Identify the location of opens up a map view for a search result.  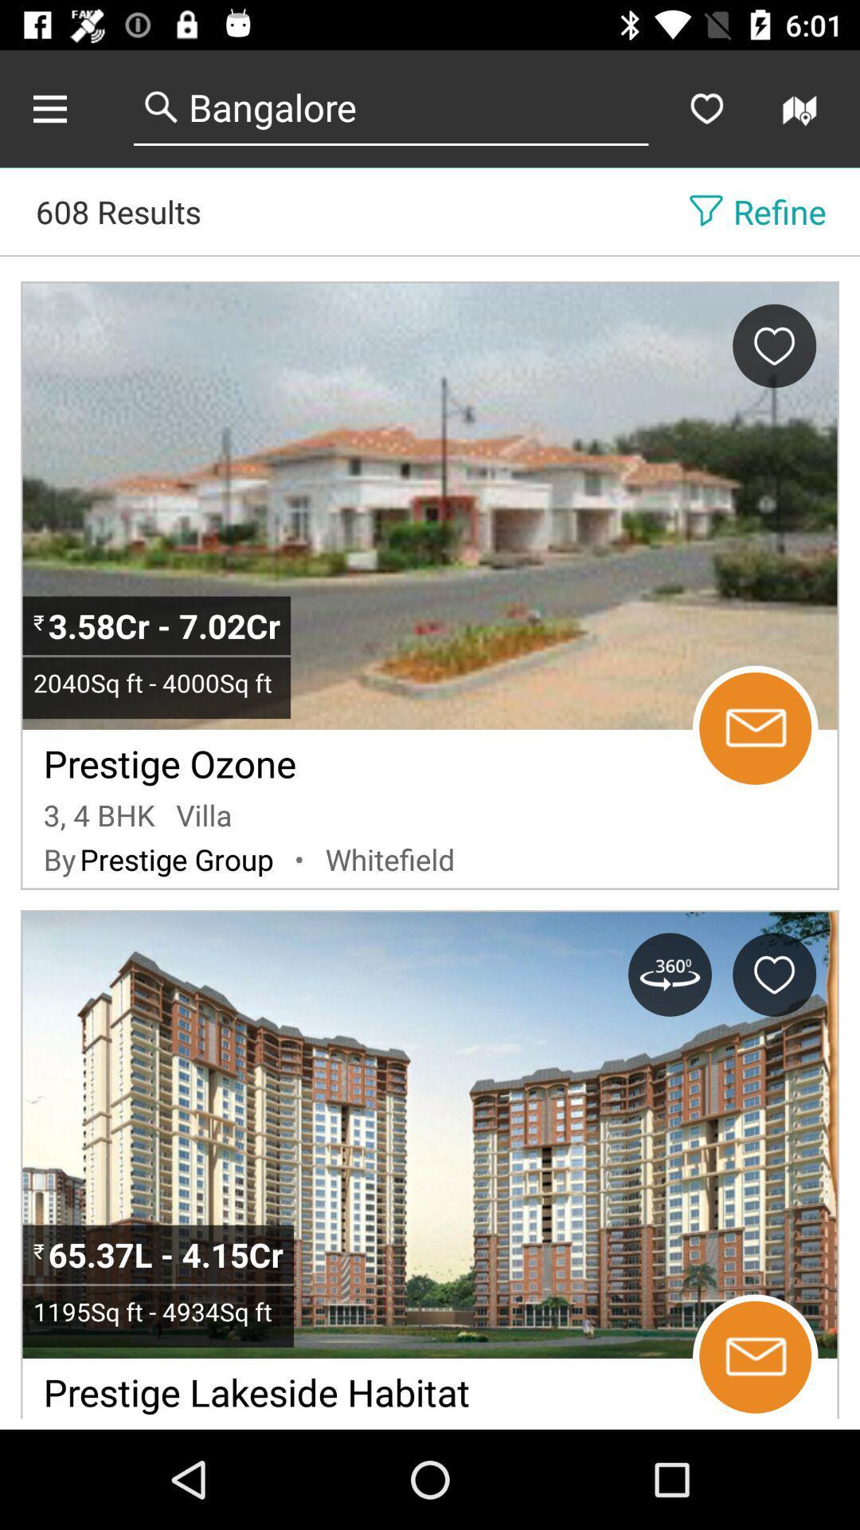
(802, 108).